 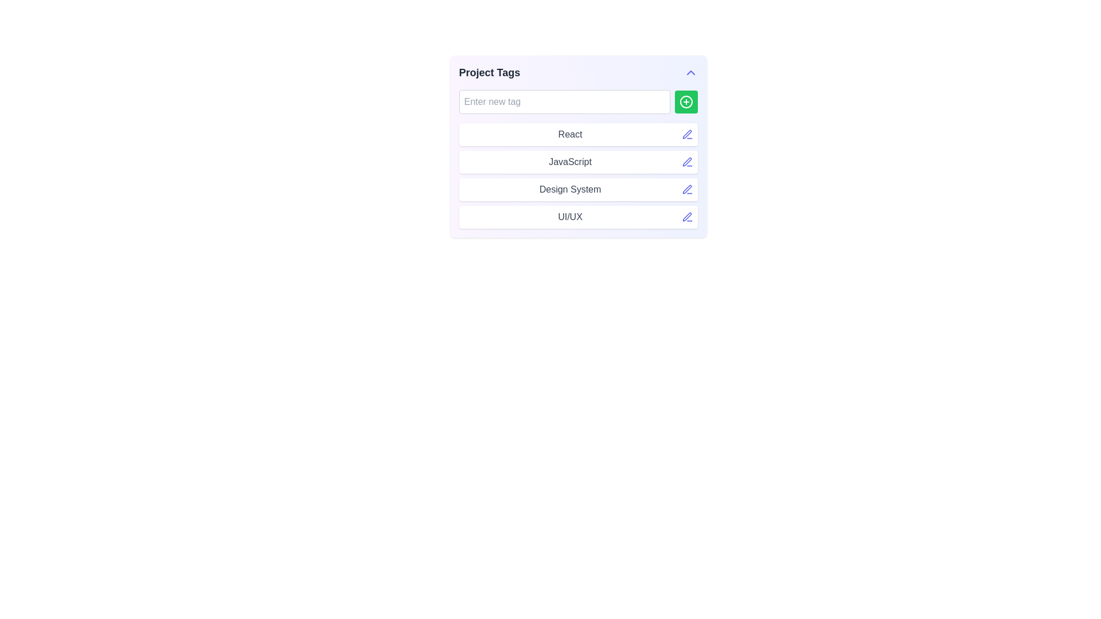 What do you see at coordinates (570, 162) in the screenshot?
I see `the text label displaying 'JavaScript' in the second entry of the 'Project Tags' section` at bounding box center [570, 162].